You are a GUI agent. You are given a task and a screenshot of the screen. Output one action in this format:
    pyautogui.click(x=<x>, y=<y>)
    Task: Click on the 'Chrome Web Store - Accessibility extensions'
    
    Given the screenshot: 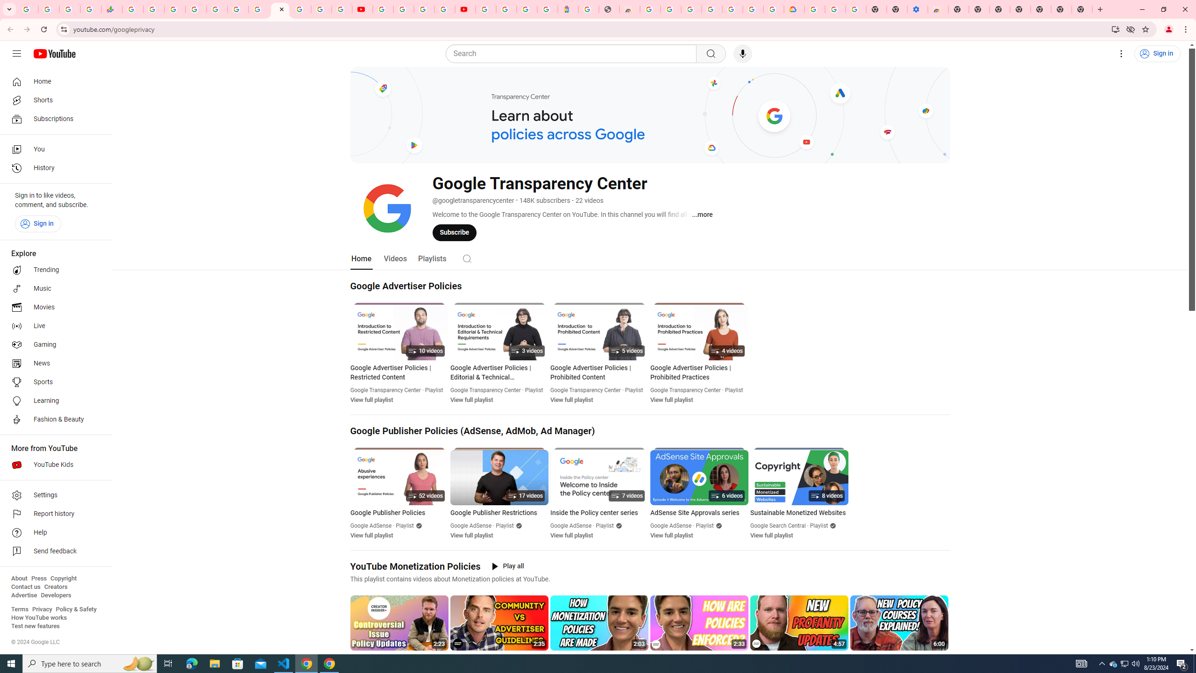 What is the action you would take?
    pyautogui.click(x=937, y=9)
    